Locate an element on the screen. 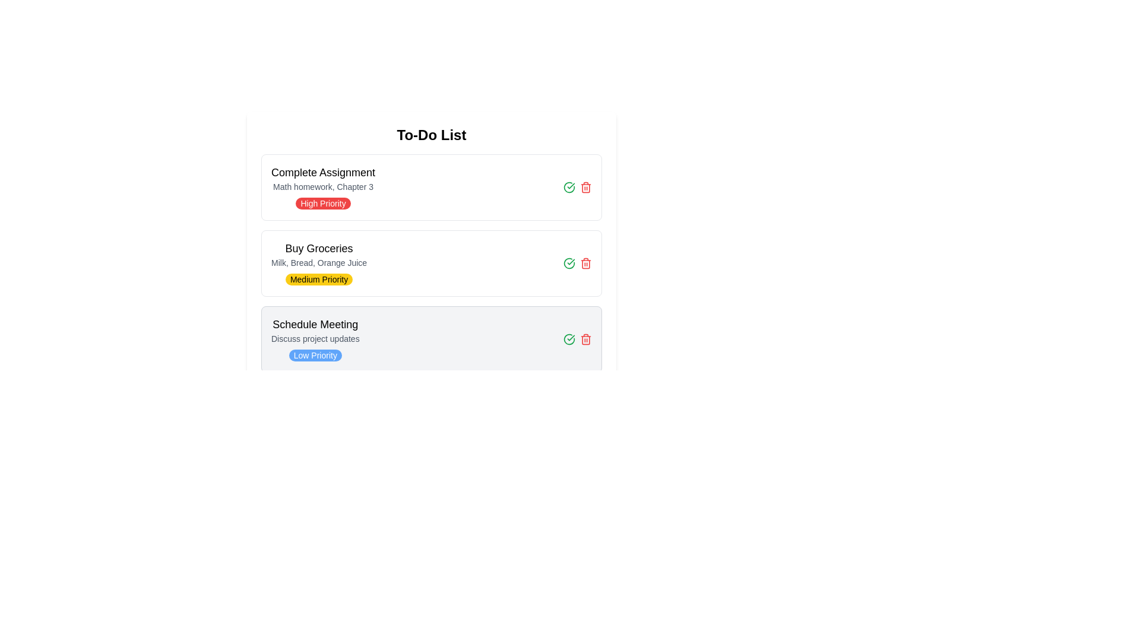 This screenshot has width=1140, height=641. the icon group containing action buttons, which includes a green checkmark and a red trash can, located at the rightmost end of the 'Buy Groceries' to-do item row is located at coordinates (578, 262).